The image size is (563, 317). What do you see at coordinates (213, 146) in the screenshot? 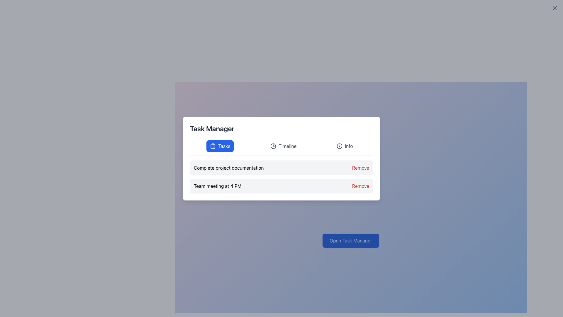
I see `the 'Tasks' tab vector icon located at the top left of the 'Task Manager' card, which visually represents the 'Tasks' tab` at bounding box center [213, 146].